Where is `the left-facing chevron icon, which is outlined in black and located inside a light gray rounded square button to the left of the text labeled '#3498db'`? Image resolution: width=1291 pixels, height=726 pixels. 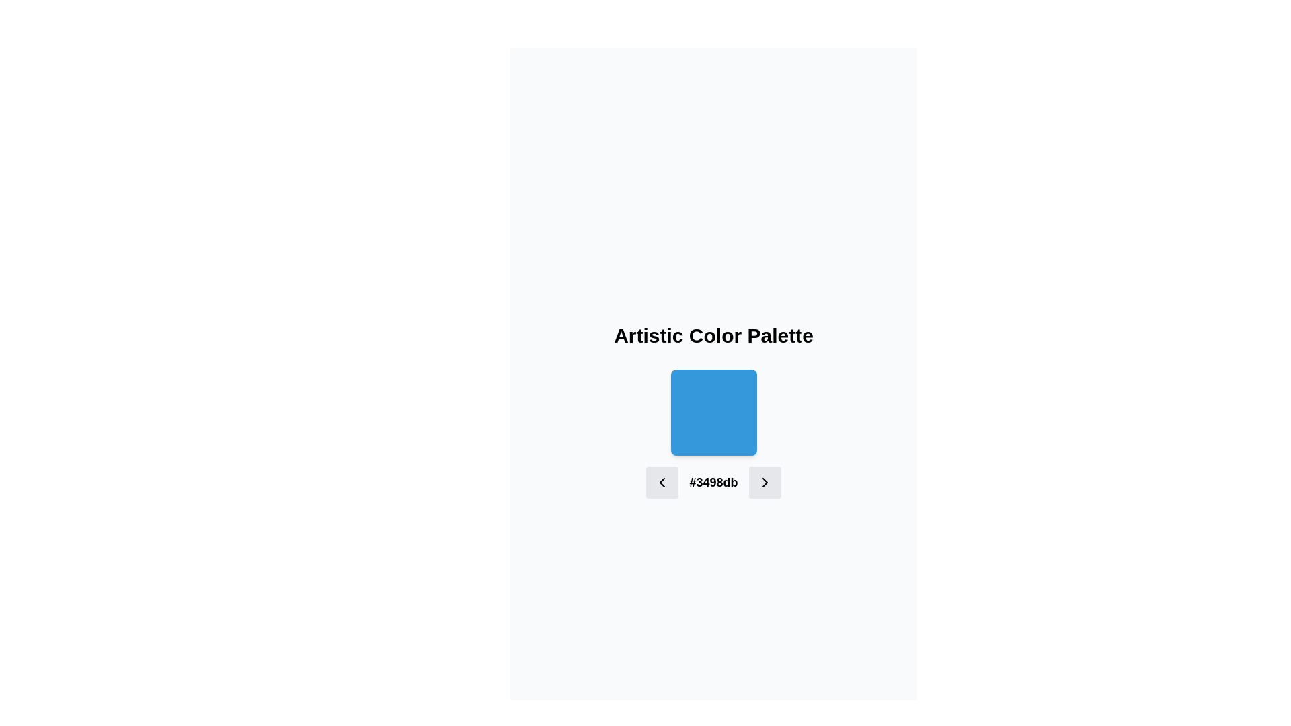
the left-facing chevron icon, which is outlined in black and located inside a light gray rounded square button to the left of the text labeled '#3498db' is located at coordinates (662, 481).